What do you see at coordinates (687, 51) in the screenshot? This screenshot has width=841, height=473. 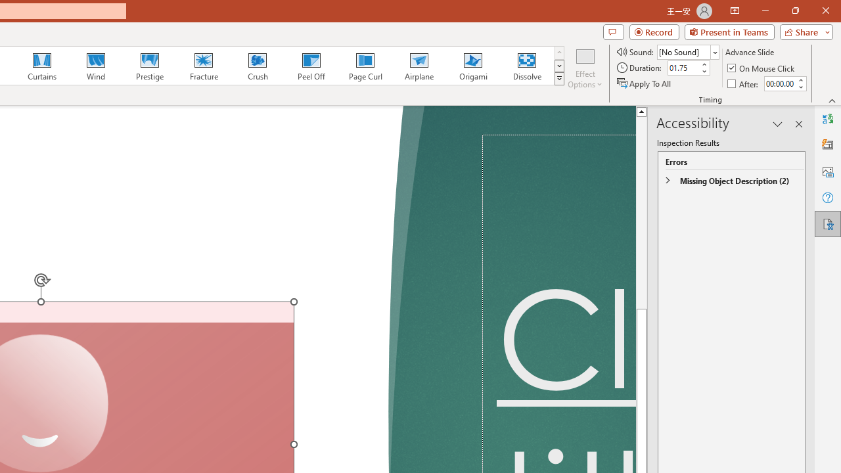 I see `'Sound'` at bounding box center [687, 51].